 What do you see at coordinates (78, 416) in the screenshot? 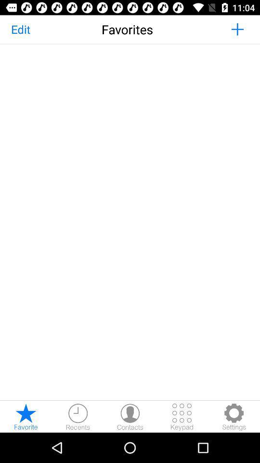
I see `the time icon` at bounding box center [78, 416].